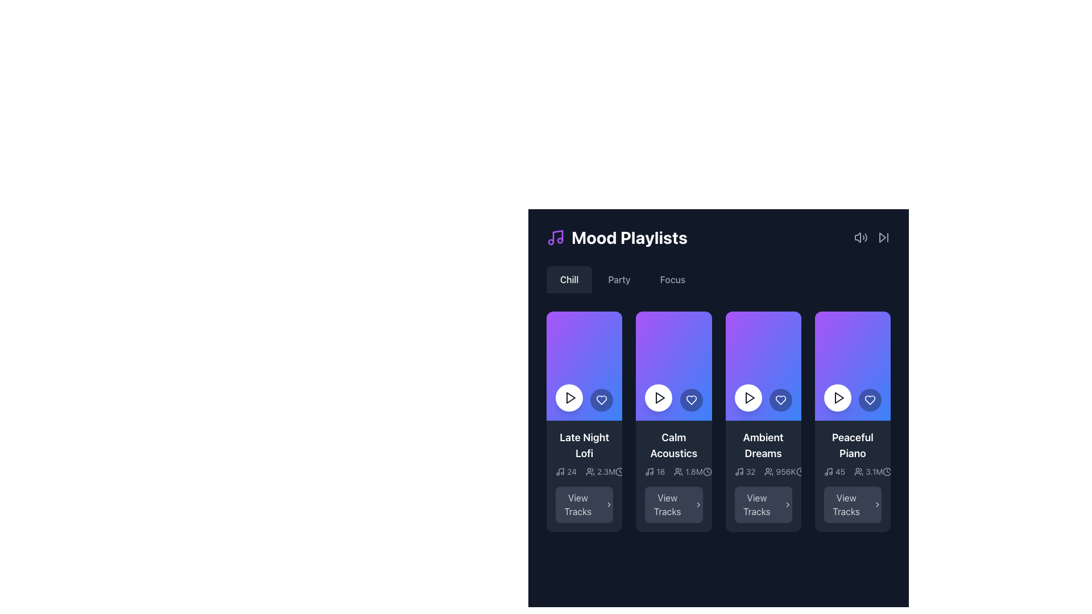 The image size is (1092, 614). What do you see at coordinates (584, 504) in the screenshot?
I see `the button for the 'Late Night Lofi' playlist located at the bottom of the playlist card` at bounding box center [584, 504].